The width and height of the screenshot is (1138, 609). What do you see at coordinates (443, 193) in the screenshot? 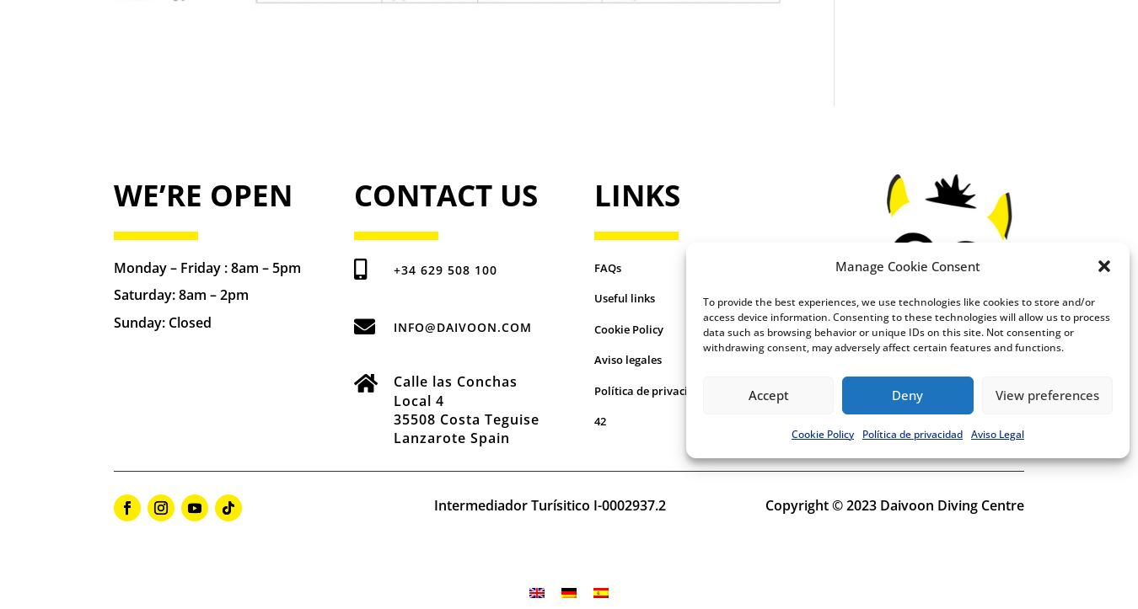
I see `'Contact us'` at bounding box center [443, 193].